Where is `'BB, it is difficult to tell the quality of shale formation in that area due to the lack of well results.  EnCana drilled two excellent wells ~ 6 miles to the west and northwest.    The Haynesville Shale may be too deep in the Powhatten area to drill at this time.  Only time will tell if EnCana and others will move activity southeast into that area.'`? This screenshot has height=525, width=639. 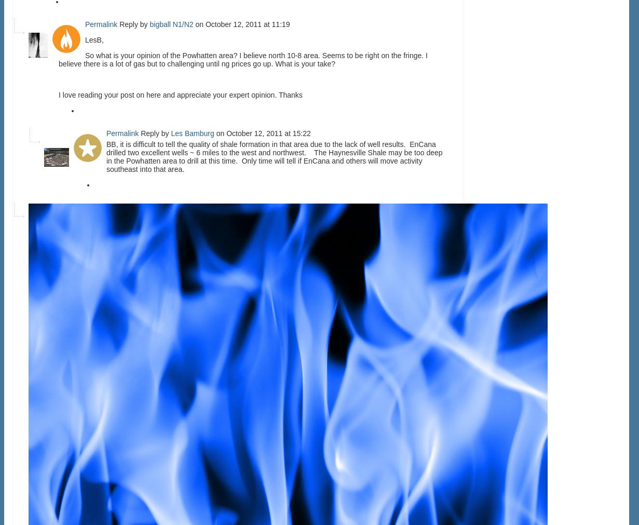 'BB, it is difficult to tell the quality of shale formation in that area due to the lack of well results.  EnCana drilled two excellent wells ~ 6 miles to the west and northwest.    The Haynesville Shale may be too deep in the Powhatten area to drill at this time.  Only time will tell if EnCana and others will move activity southeast into that area.' is located at coordinates (274, 156).